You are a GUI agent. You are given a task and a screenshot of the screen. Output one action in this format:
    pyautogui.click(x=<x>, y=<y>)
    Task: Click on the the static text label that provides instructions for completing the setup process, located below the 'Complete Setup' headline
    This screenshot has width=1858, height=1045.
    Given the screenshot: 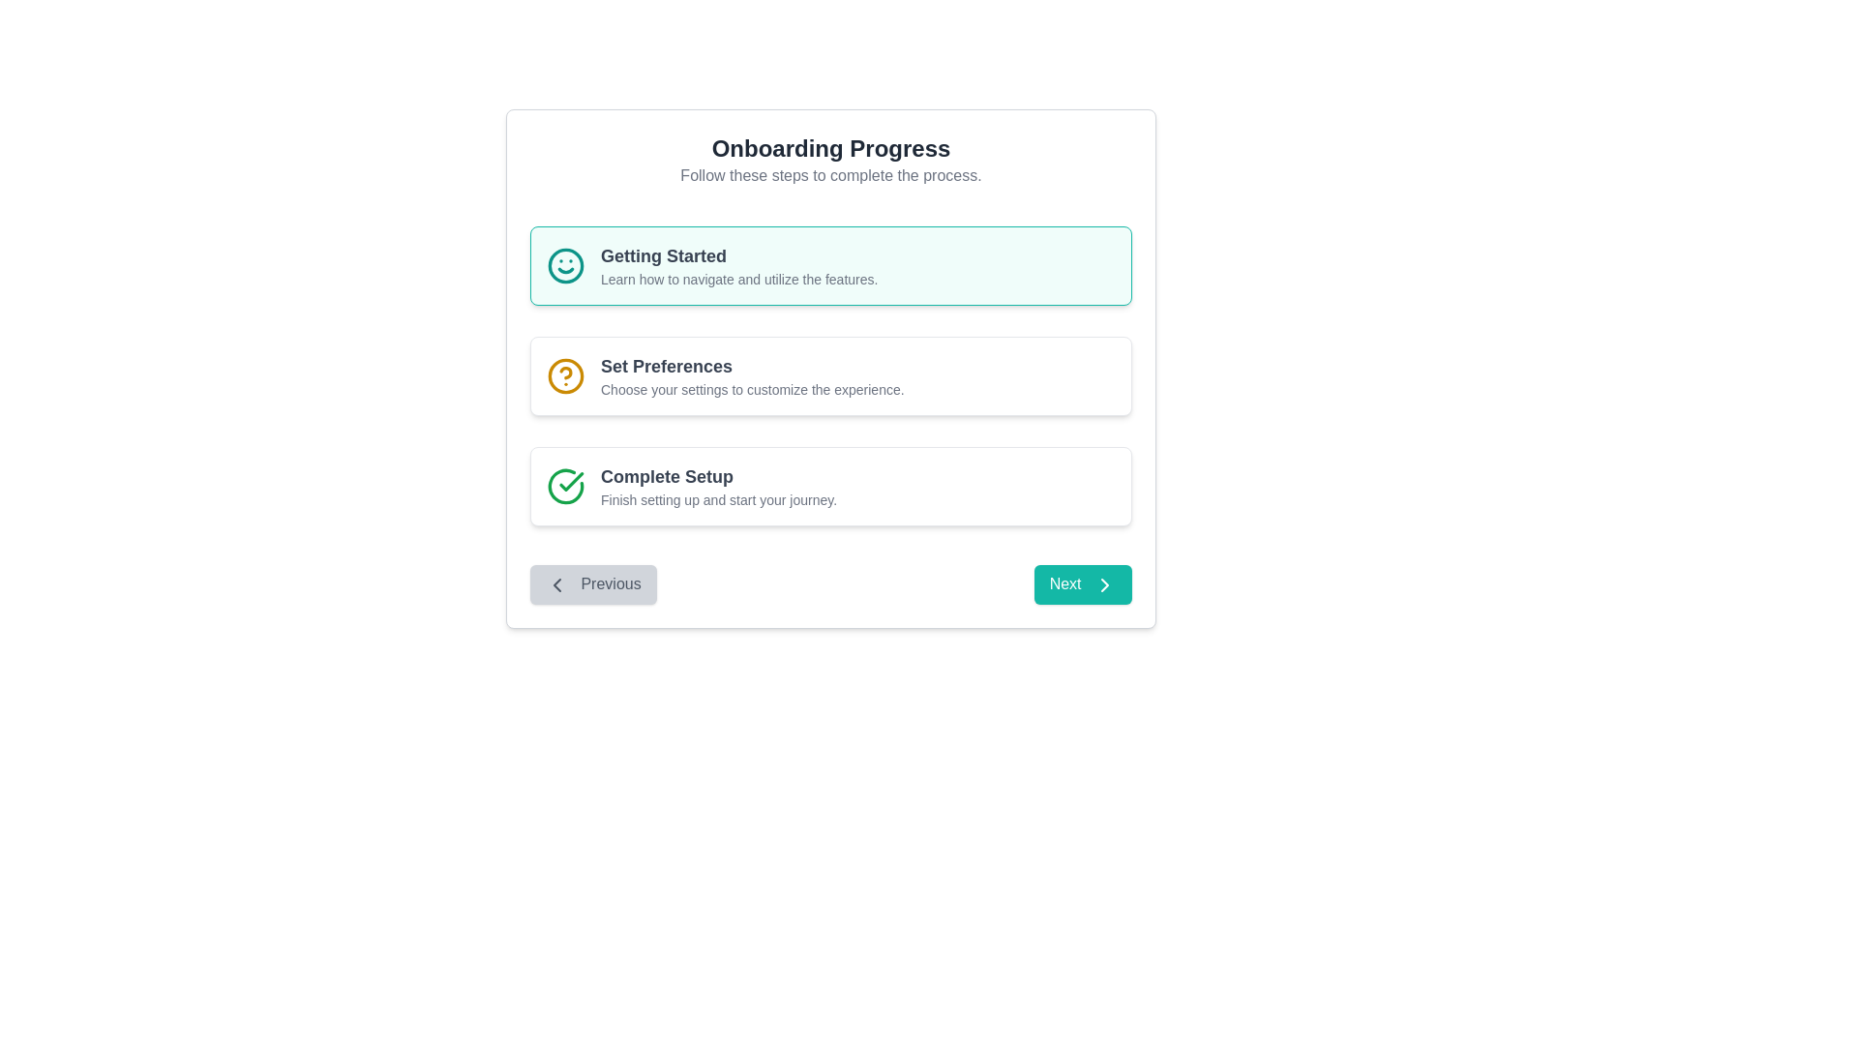 What is the action you would take?
    pyautogui.click(x=718, y=498)
    